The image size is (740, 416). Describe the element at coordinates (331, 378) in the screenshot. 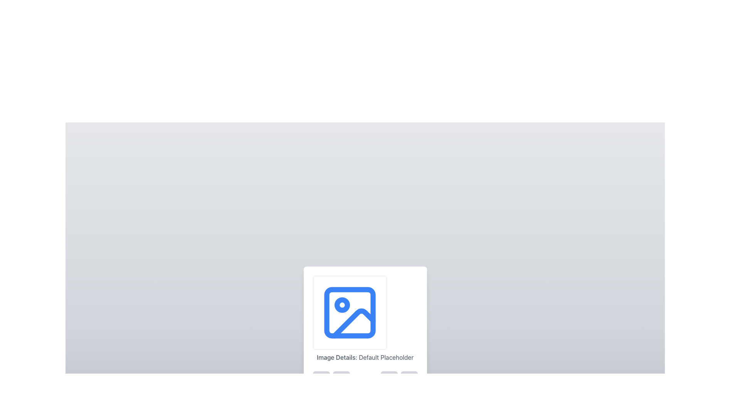

I see `the buttons within the leftmost group of buttons located below the image placeholder` at that location.